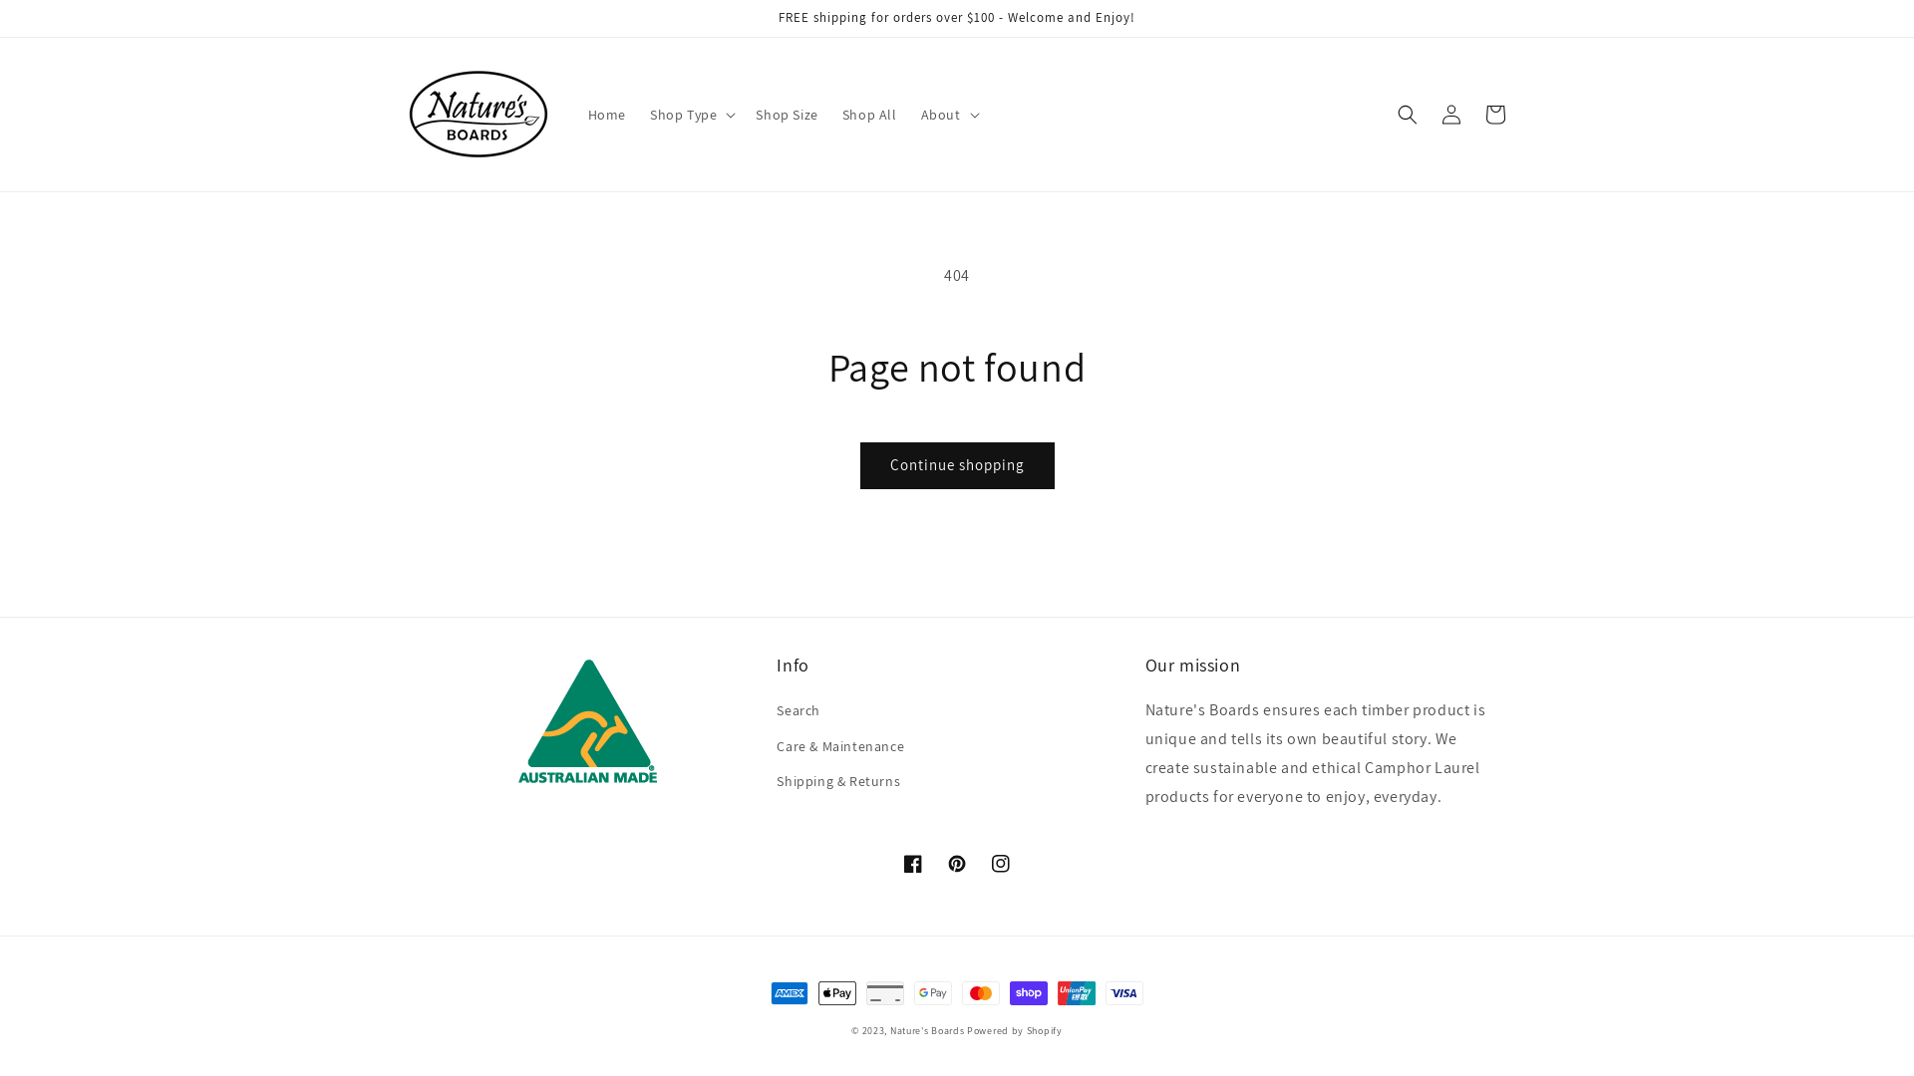 Image resolution: width=1914 pixels, height=1076 pixels. Describe the element at coordinates (957, 863) in the screenshot. I see `'Pinterest'` at that location.